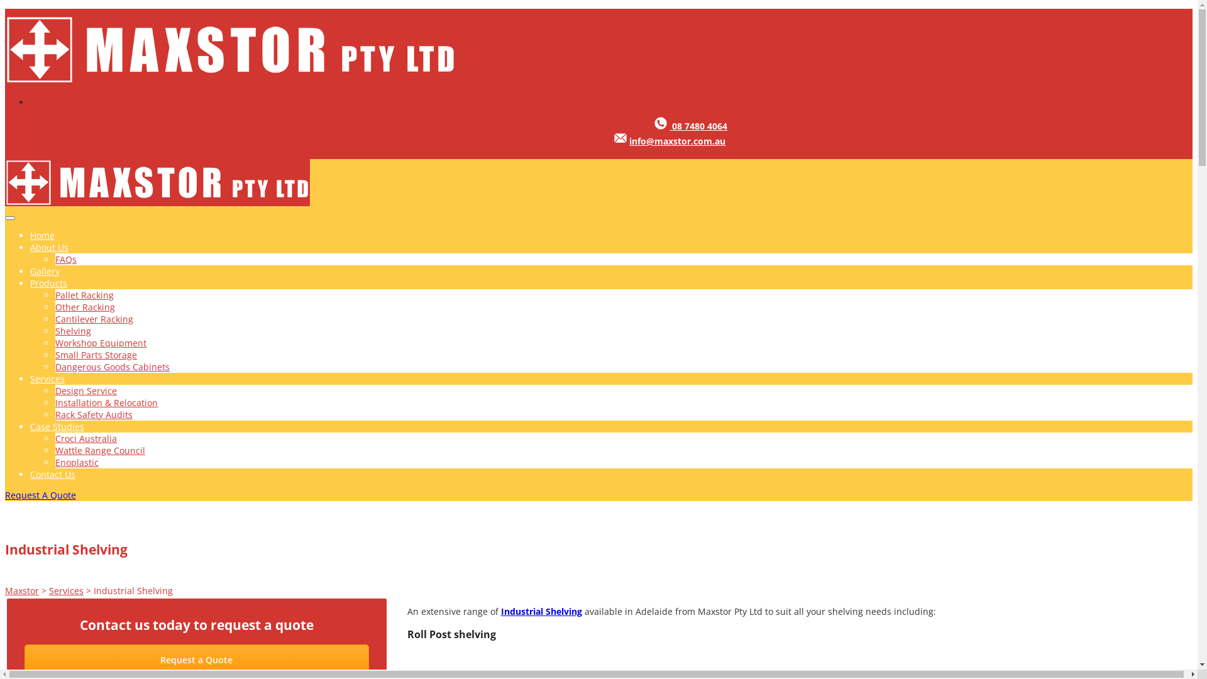  I want to click on 'FAQs', so click(65, 258).